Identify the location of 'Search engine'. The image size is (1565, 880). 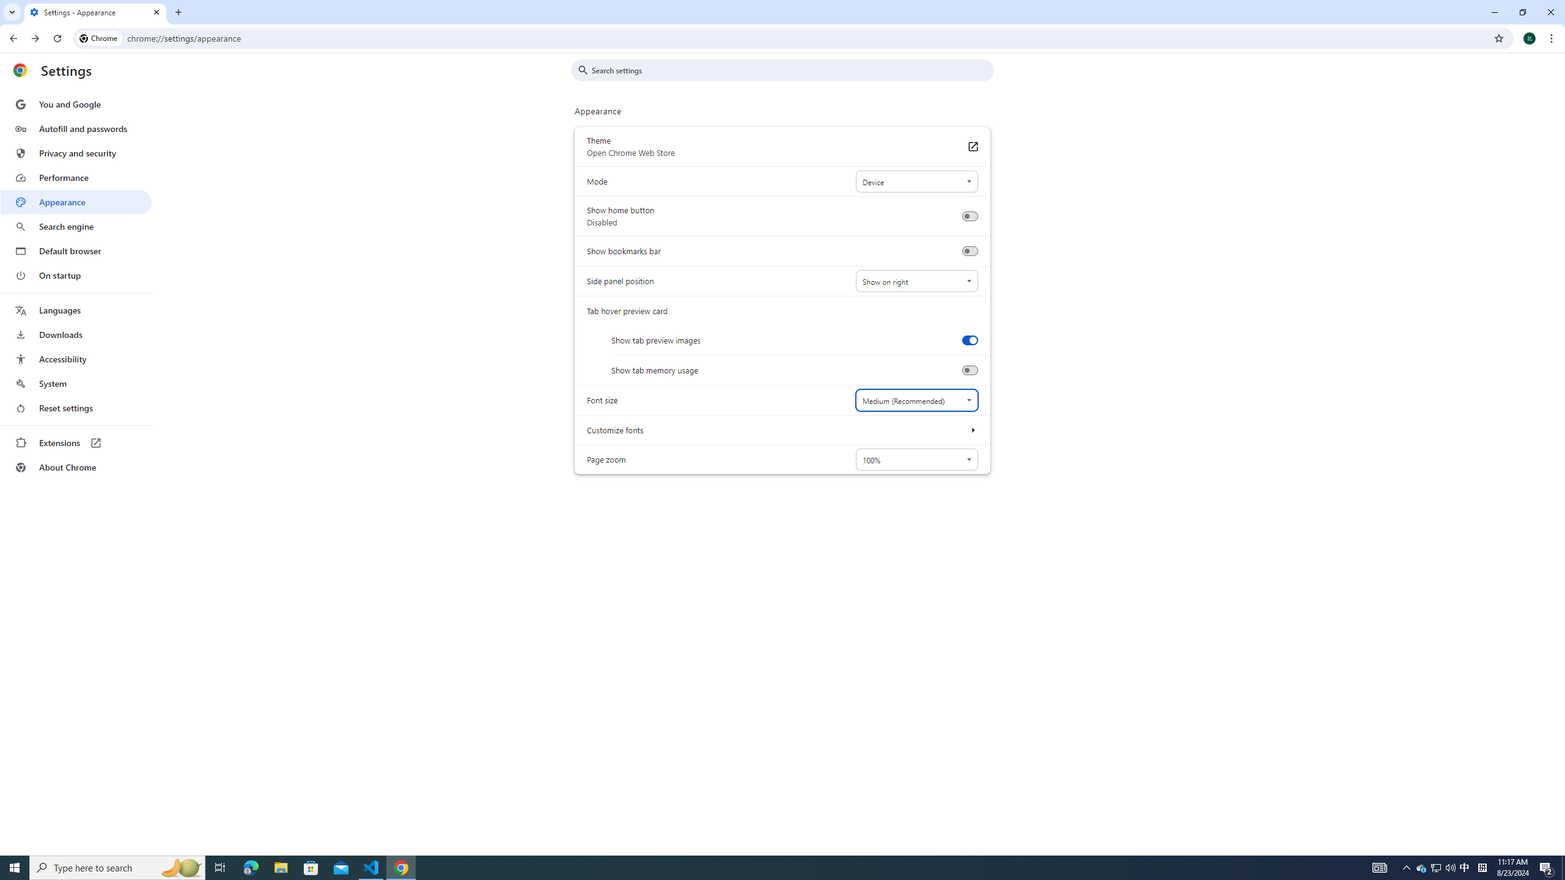
(75, 227).